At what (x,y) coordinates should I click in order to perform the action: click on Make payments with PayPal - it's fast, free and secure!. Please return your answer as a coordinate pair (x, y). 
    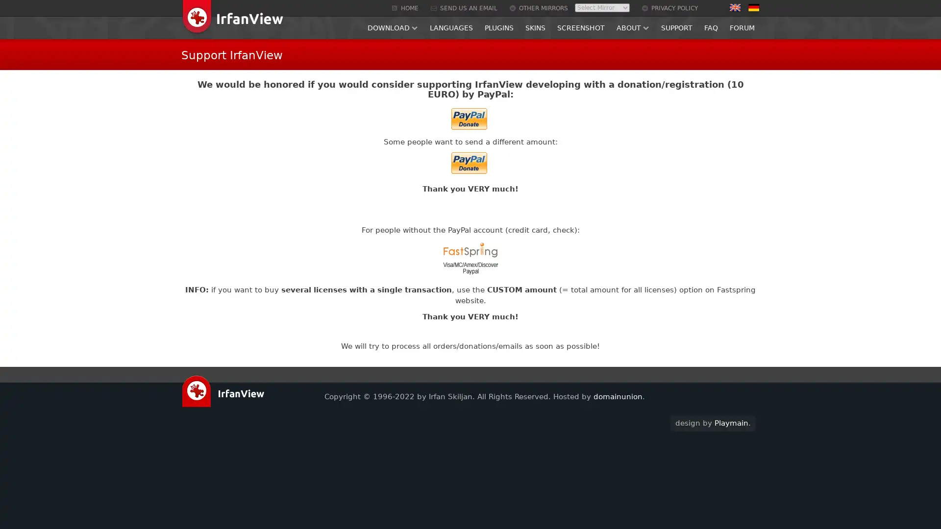
    Looking at the image, I should click on (468, 118).